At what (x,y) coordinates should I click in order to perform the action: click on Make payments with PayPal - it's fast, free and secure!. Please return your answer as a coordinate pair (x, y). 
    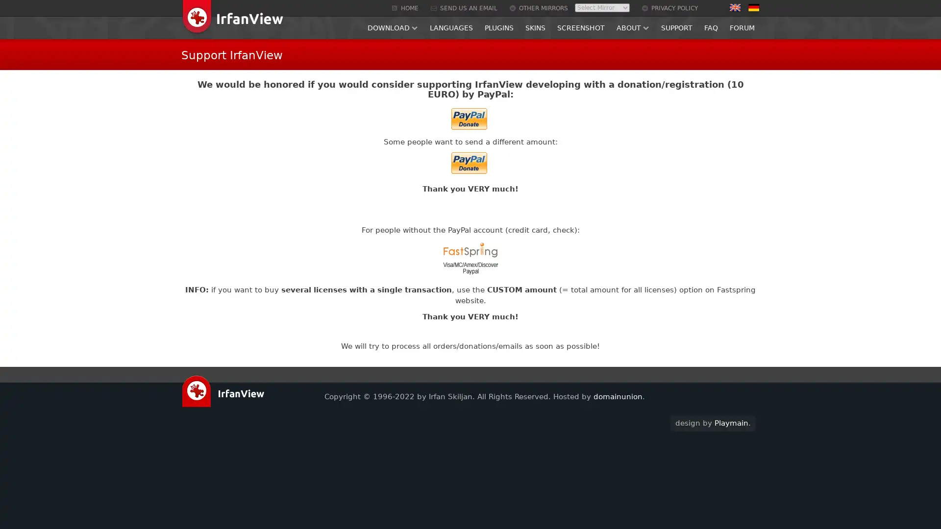
    Looking at the image, I should click on (468, 118).